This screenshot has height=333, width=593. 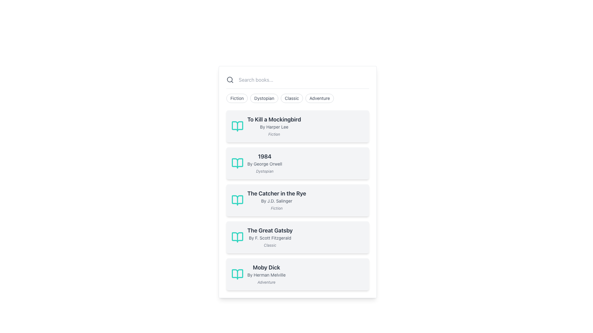 What do you see at coordinates (265, 163) in the screenshot?
I see `the text block displaying the book '1984' by George Orwell, which is the second item in the vertical list of book entries` at bounding box center [265, 163].